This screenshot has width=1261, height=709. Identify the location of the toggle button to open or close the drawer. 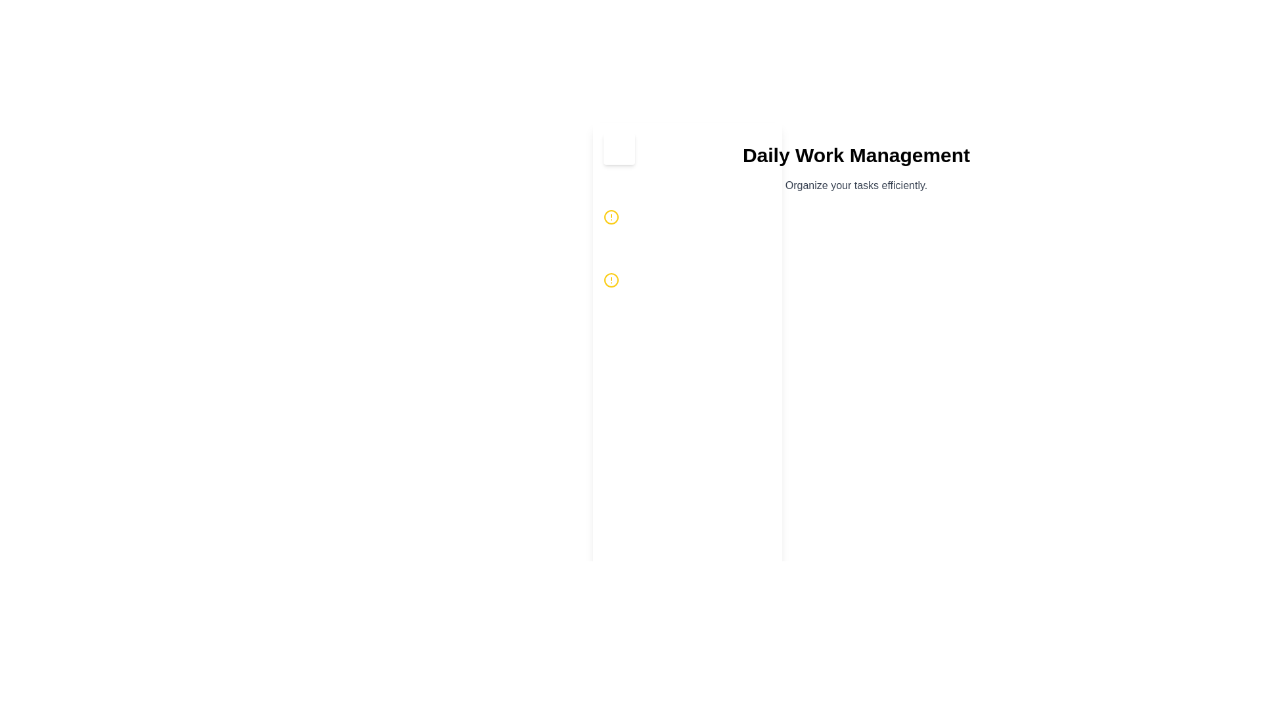
(618, 148).